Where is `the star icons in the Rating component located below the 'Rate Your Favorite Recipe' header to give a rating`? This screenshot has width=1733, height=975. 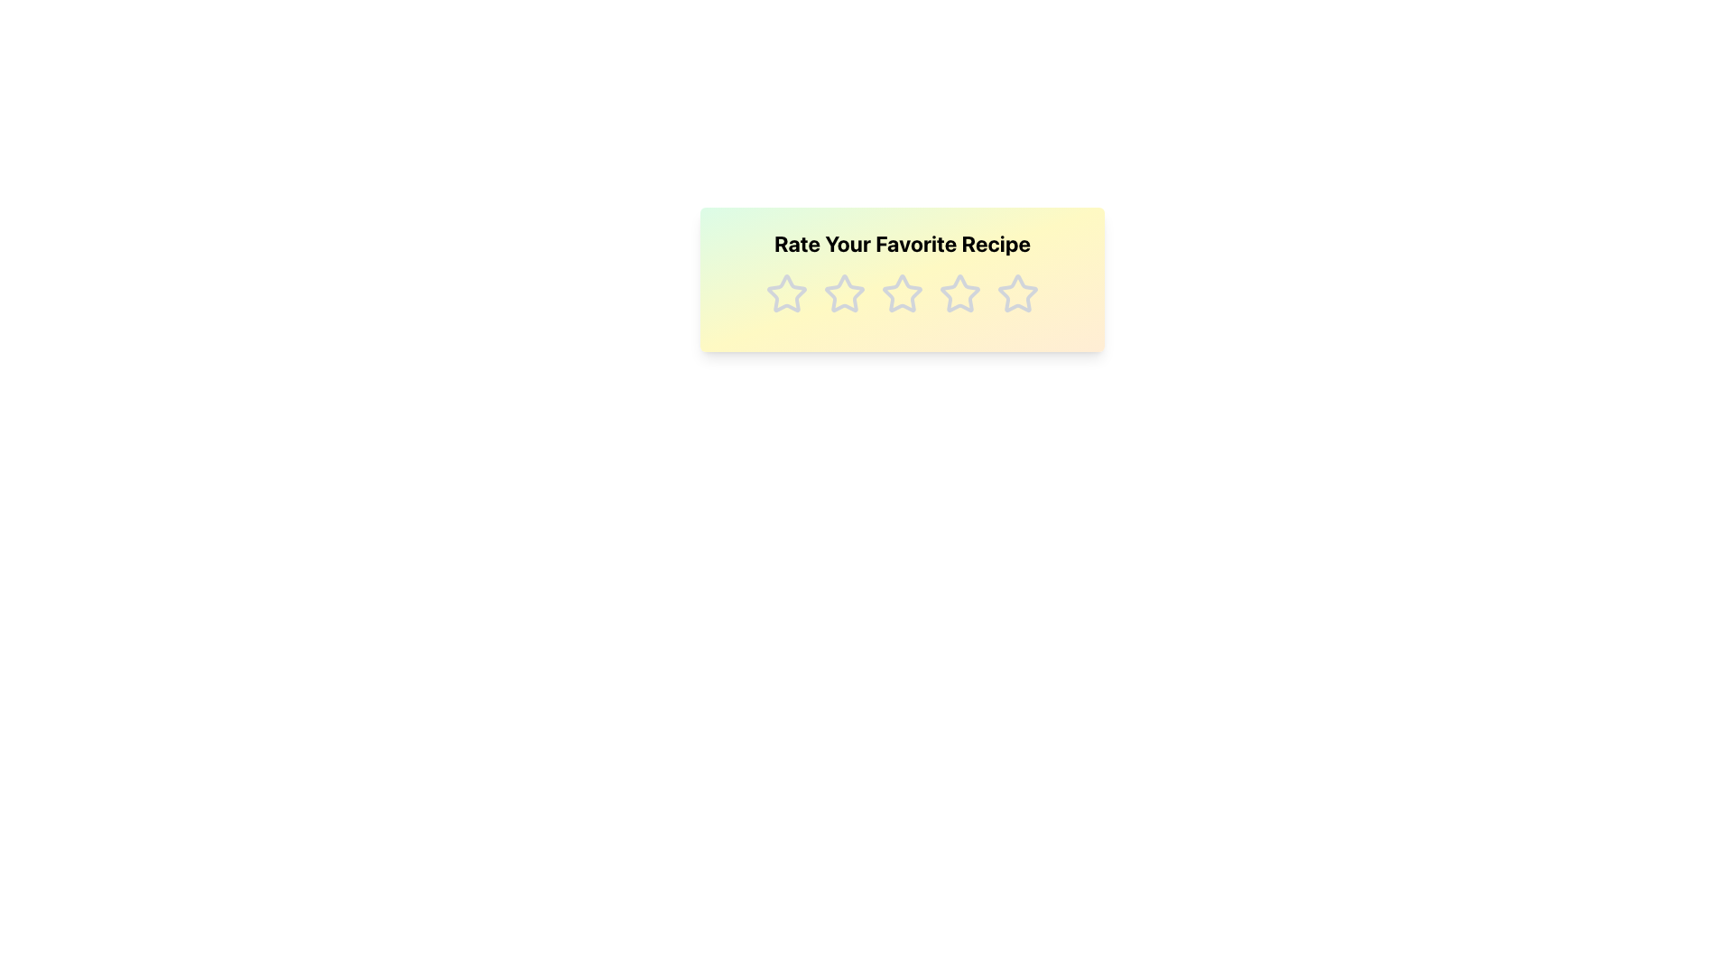 the star icons in the Rating component located below the 'Rate Your Favorite Recipe' header to give a rating is located at coordinates (902, 293).